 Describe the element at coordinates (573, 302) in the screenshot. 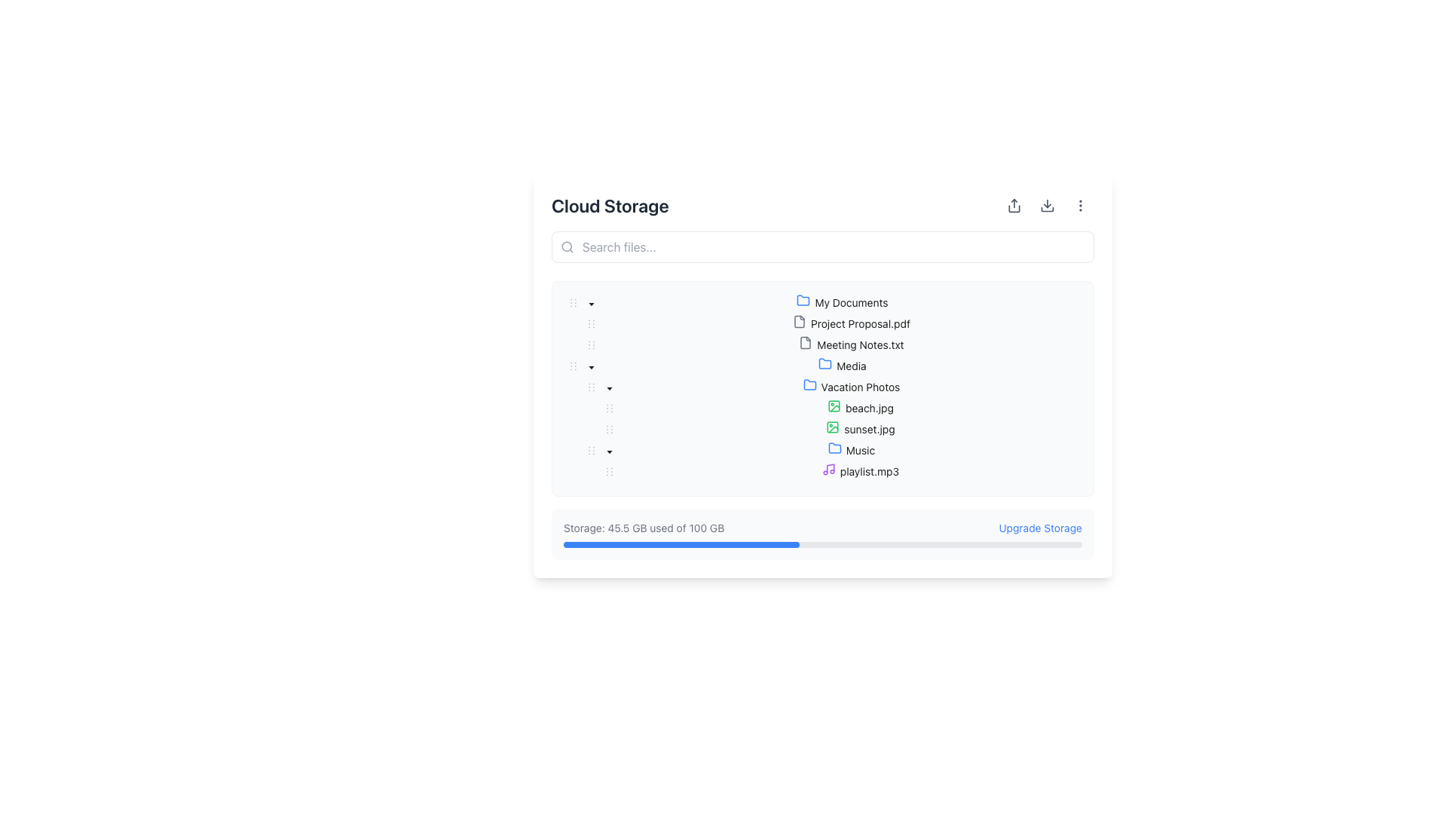

I see `the drag-handle icon located` at that location.